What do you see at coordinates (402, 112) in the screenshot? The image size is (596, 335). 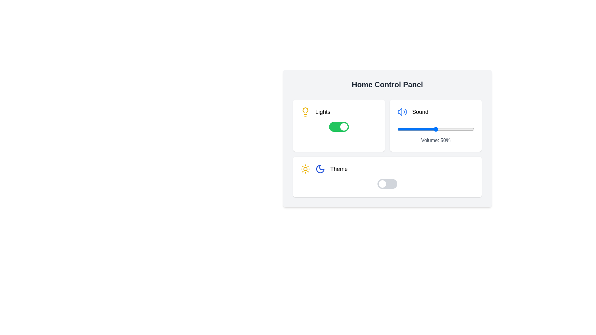 I see `the volume icon resembling a loudspeaker with sound waves, which is located in the upper-right quadrant of the control panel, to the left of the 'Sound' text` at bounding box center [402, 112].